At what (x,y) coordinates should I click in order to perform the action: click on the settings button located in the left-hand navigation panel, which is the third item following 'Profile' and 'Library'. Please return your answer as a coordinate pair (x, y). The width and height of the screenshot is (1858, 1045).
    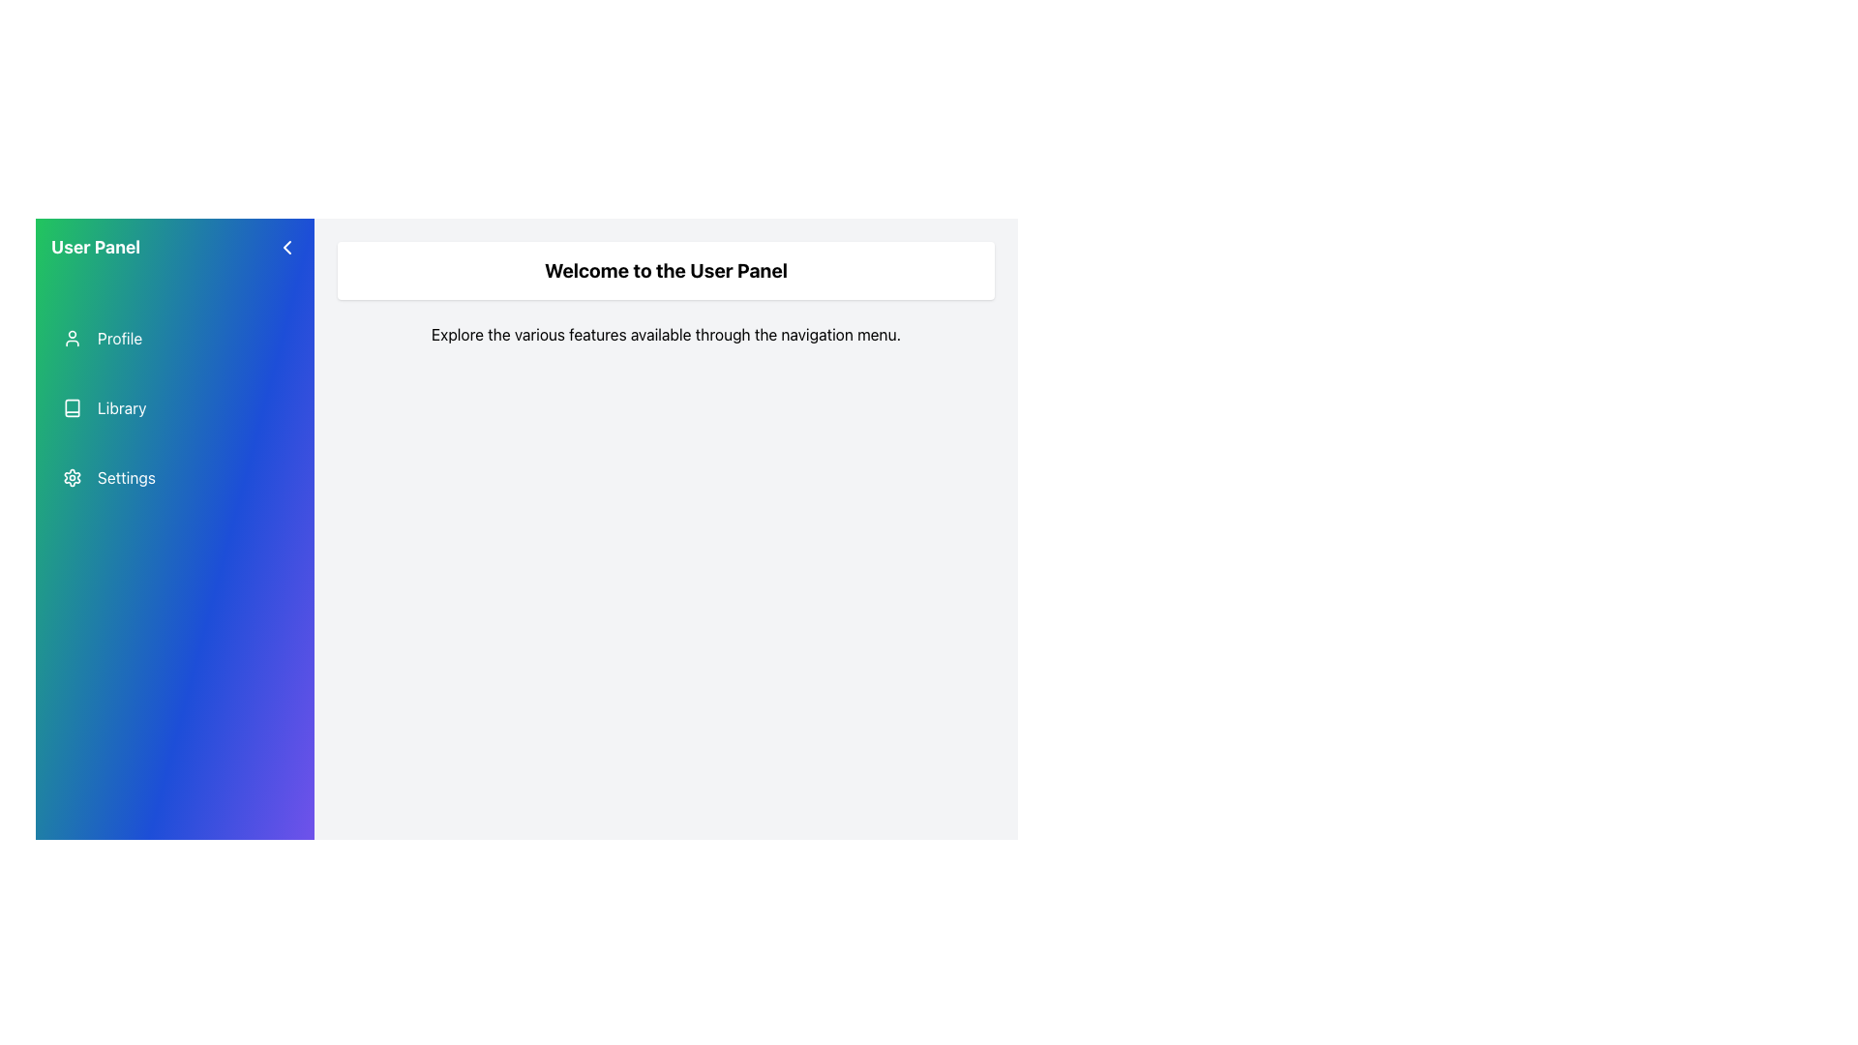
    Looking at the image, I should click on (175, 477).